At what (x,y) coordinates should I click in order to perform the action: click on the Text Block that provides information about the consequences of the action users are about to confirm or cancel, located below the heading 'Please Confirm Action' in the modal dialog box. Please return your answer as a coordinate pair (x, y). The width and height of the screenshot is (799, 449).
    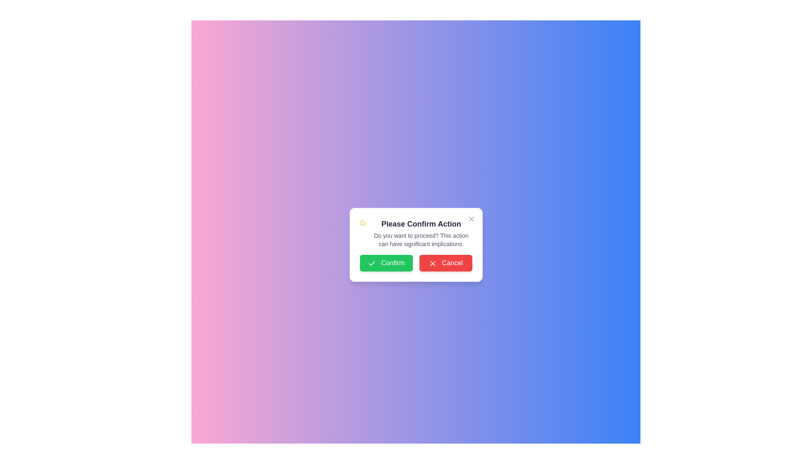
    Looking at the image, I should click on (421, 240).